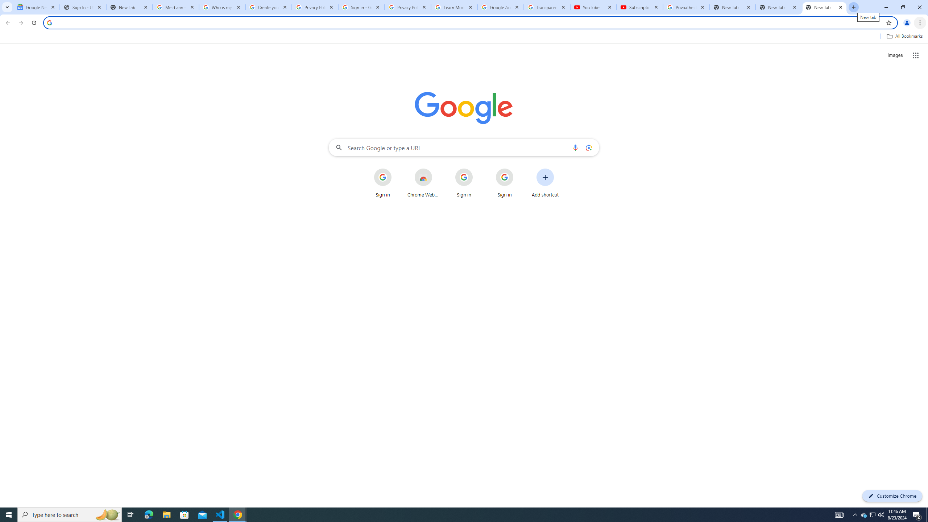 The height and width of the screenshot is (522, 928). What do you see at coordinates (895, 55) in the screenshot?
I see `'Search for Images '` at bounding box center [895, 55].